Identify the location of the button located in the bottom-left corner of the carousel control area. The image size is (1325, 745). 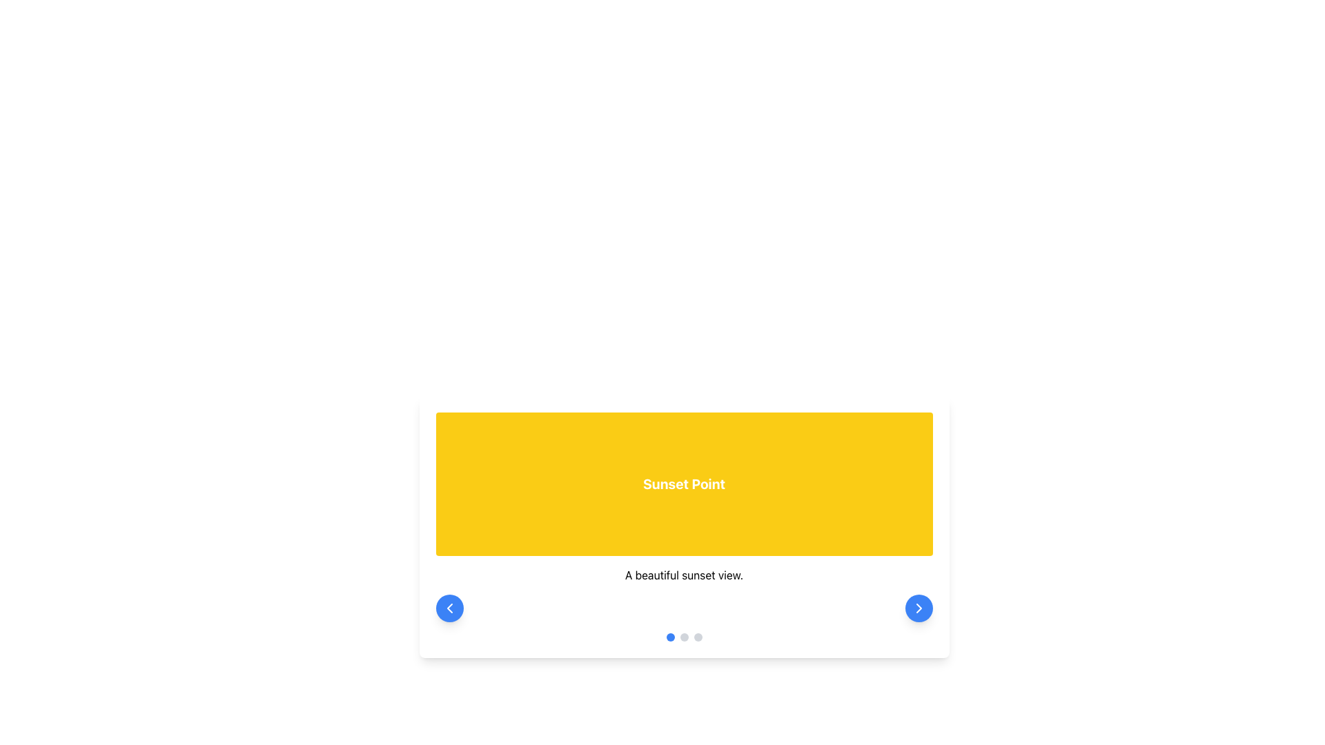
(449, 608).